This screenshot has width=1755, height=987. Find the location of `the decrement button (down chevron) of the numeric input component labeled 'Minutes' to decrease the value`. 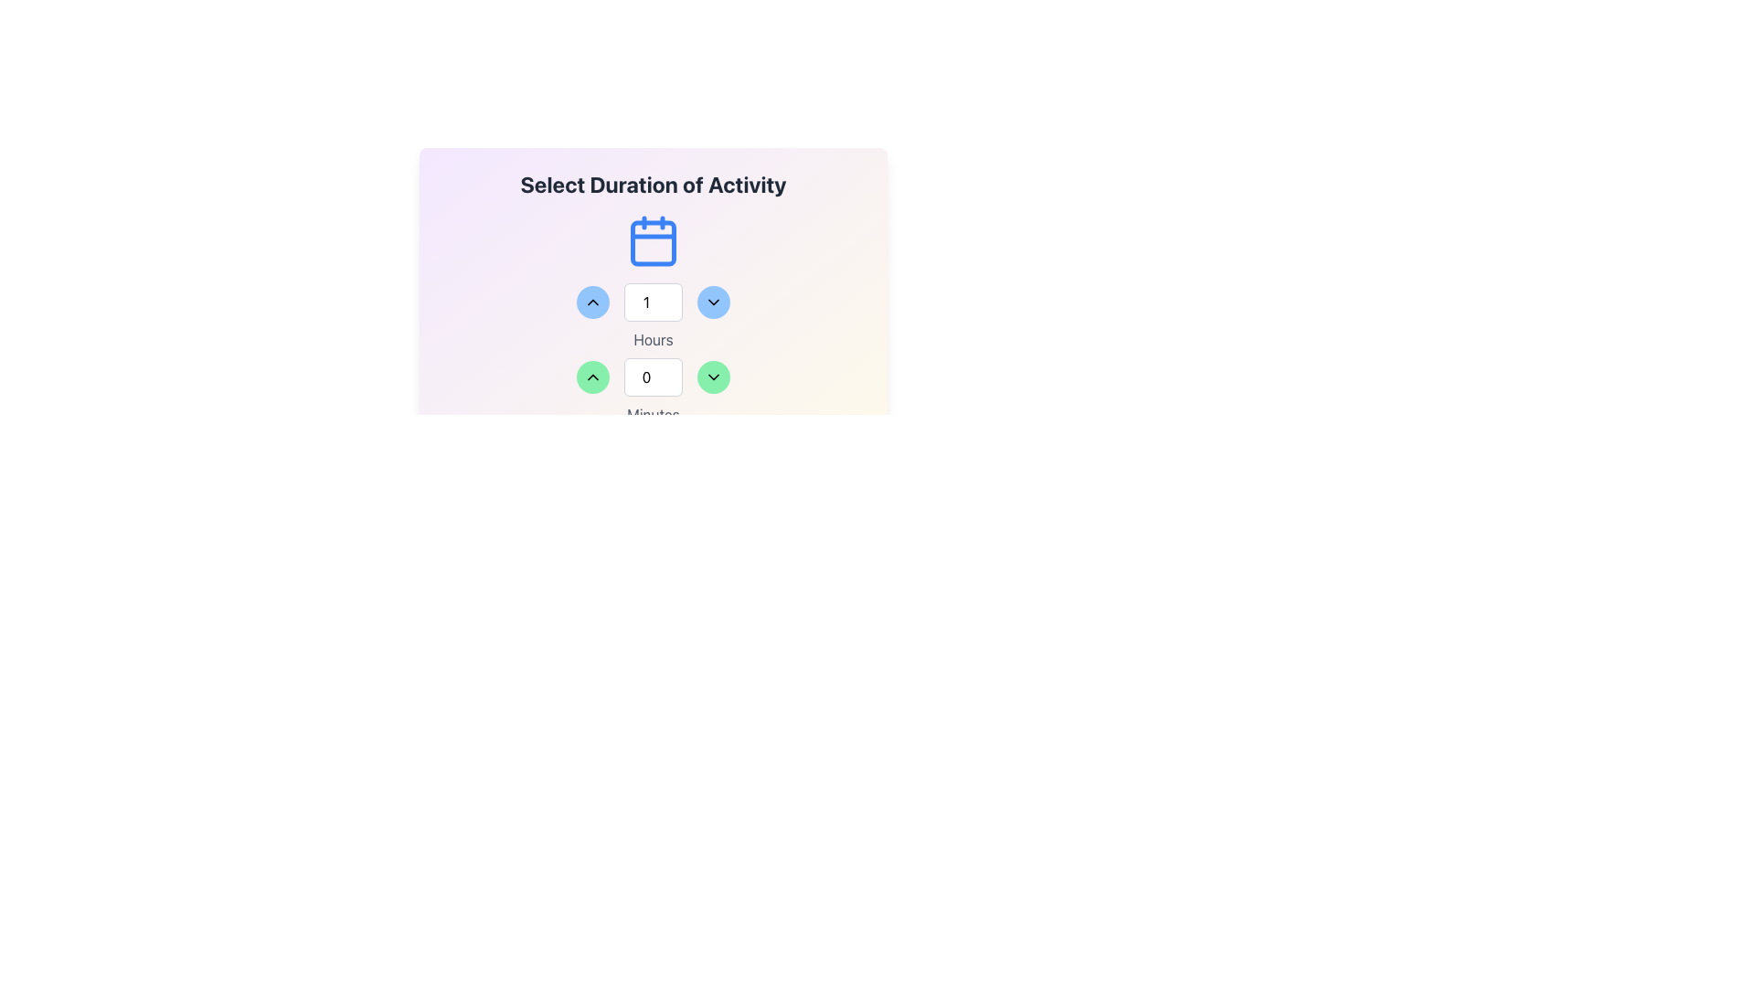

the decrement button (down chevron) of the numeric input component labeled 'Minutes' to decrease the value is located at coordinates (654, 376).